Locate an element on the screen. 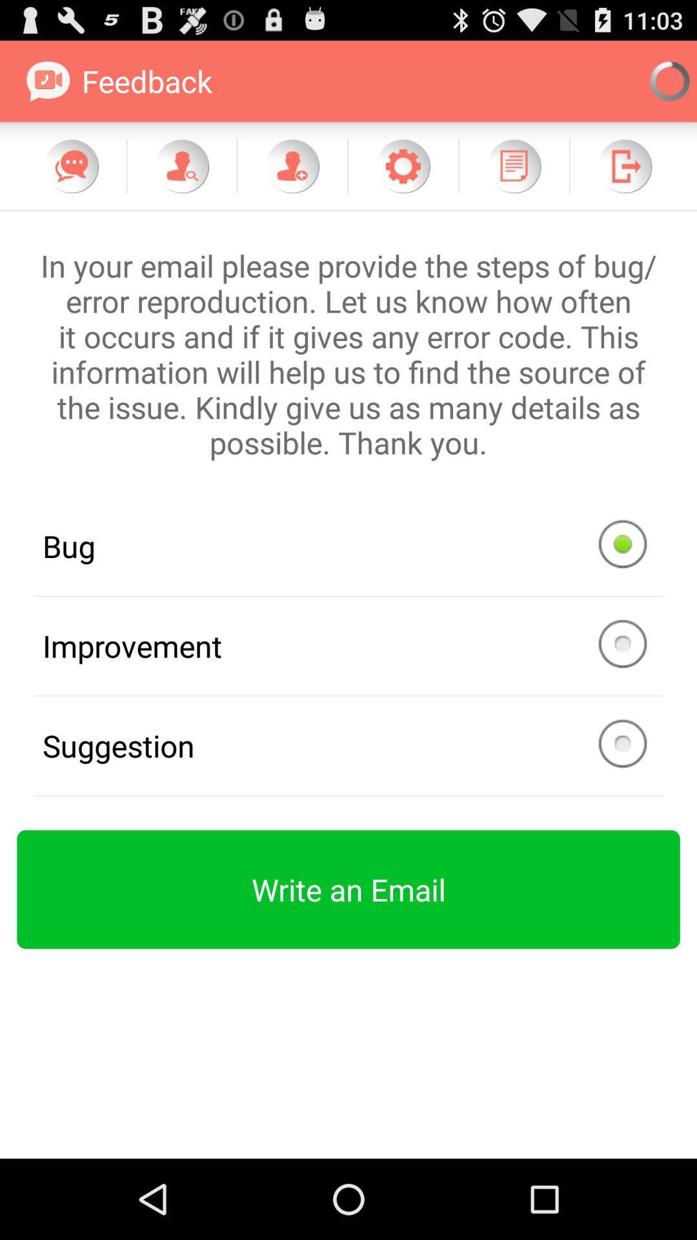 This screenshot has height=1240, width=697. suggestion is located at coordinates (348, 746).